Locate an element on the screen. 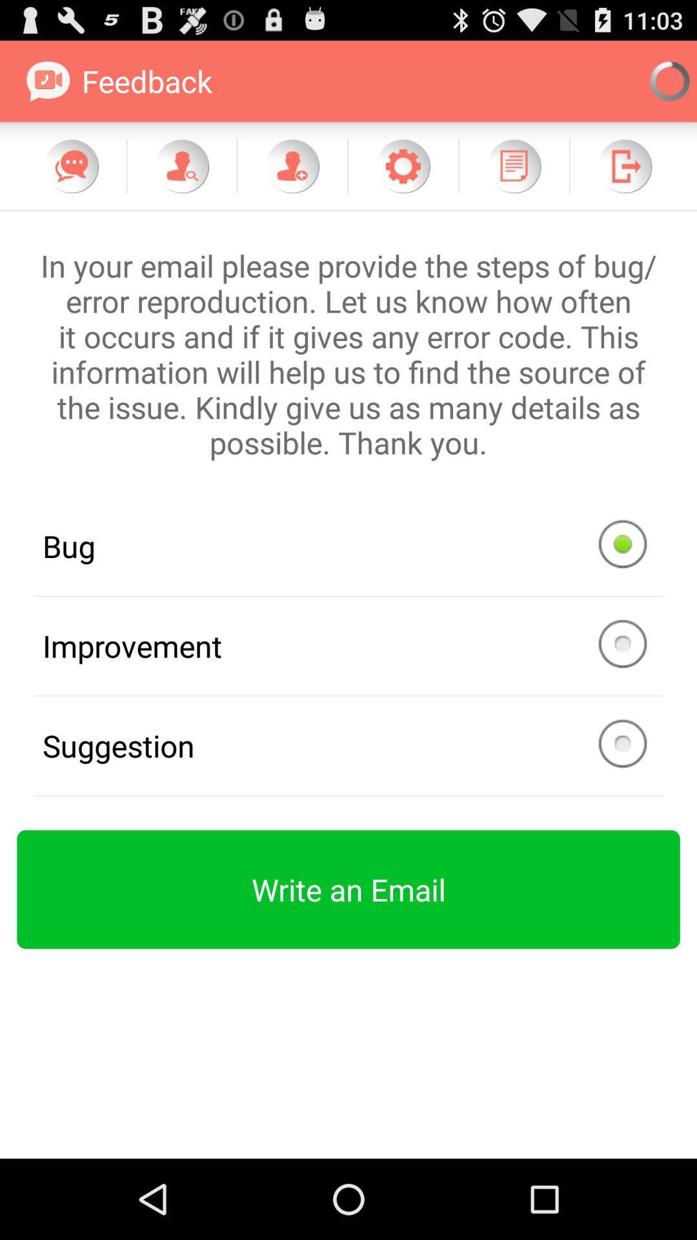 This screenshot has height=1240, width=697. suggestion is located at coordinates (348, 746).